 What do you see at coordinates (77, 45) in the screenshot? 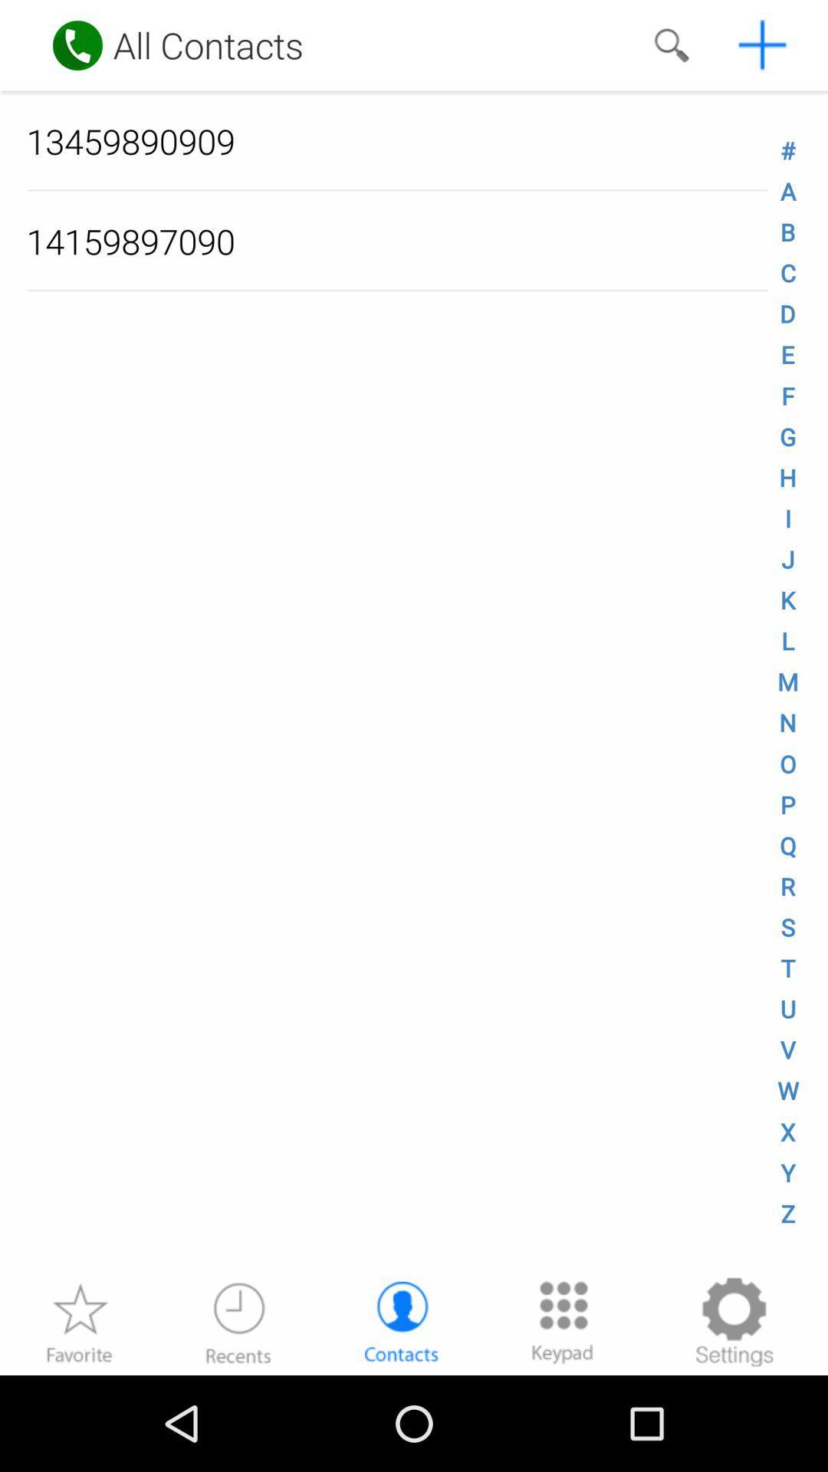
I see `make a call` at bounding box center [77, 45].